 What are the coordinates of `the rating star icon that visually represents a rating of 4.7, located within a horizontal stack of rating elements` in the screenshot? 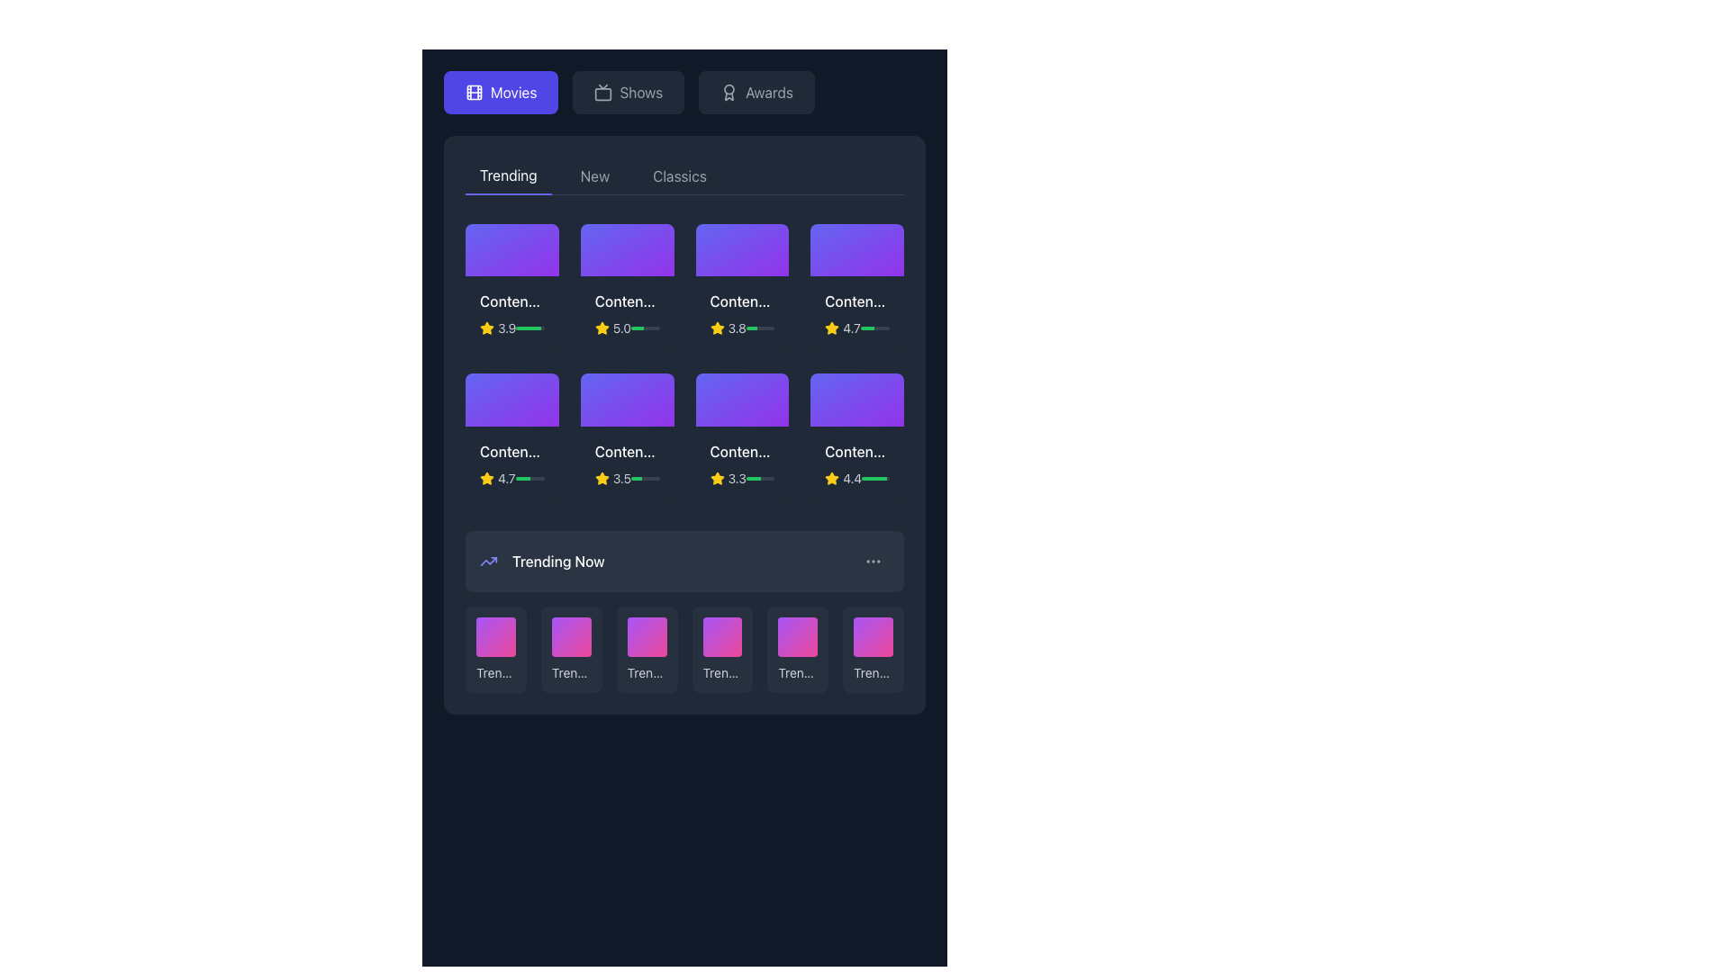 It's located at (831, 328).